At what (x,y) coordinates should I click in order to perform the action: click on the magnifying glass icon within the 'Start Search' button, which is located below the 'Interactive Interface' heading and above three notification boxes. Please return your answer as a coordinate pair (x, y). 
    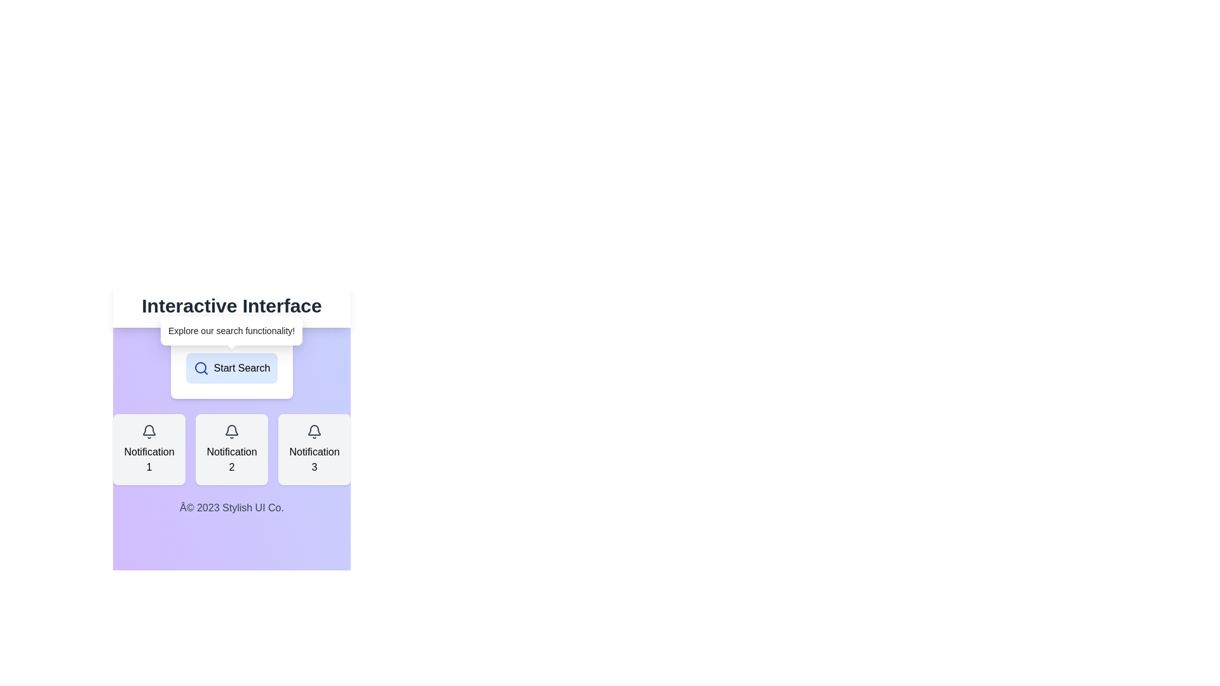
    Looking at the image, I should click on (200, 368).